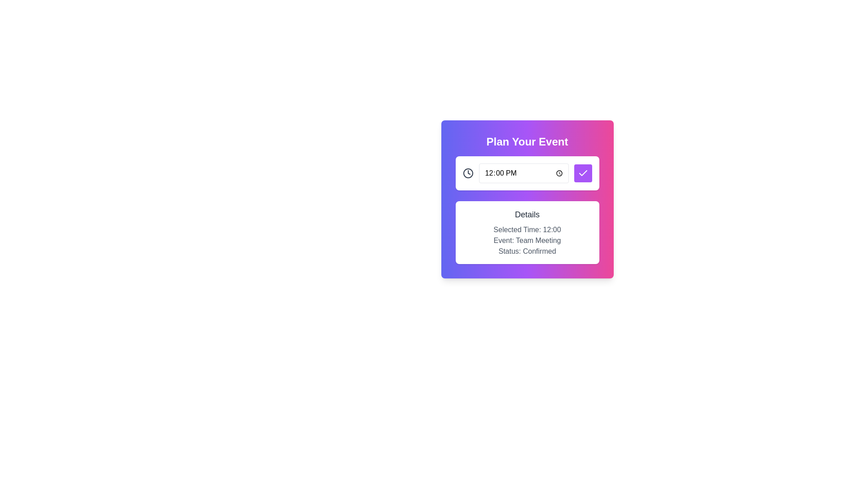 This screenshot has width=862, height=485. I want to click on the confirmation button located to the right of the time input field to observe any interactive effects, so click(583, 173).